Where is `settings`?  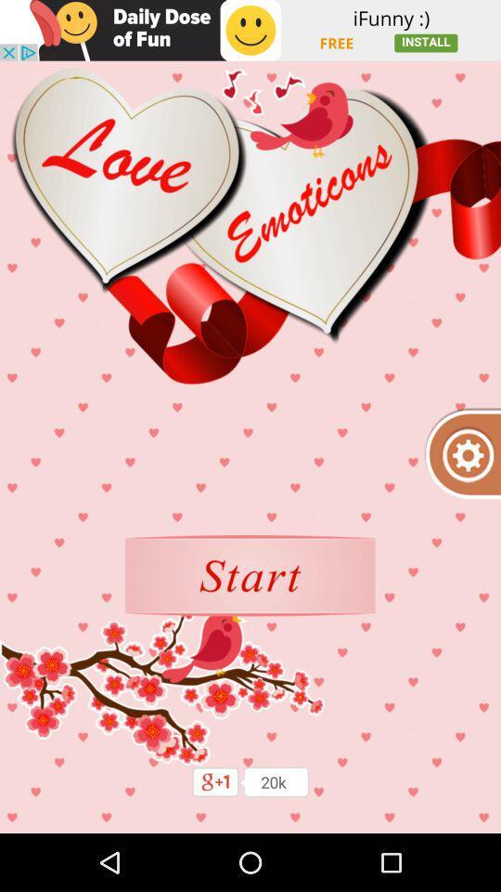
settings is located at coordinates (461, 453).